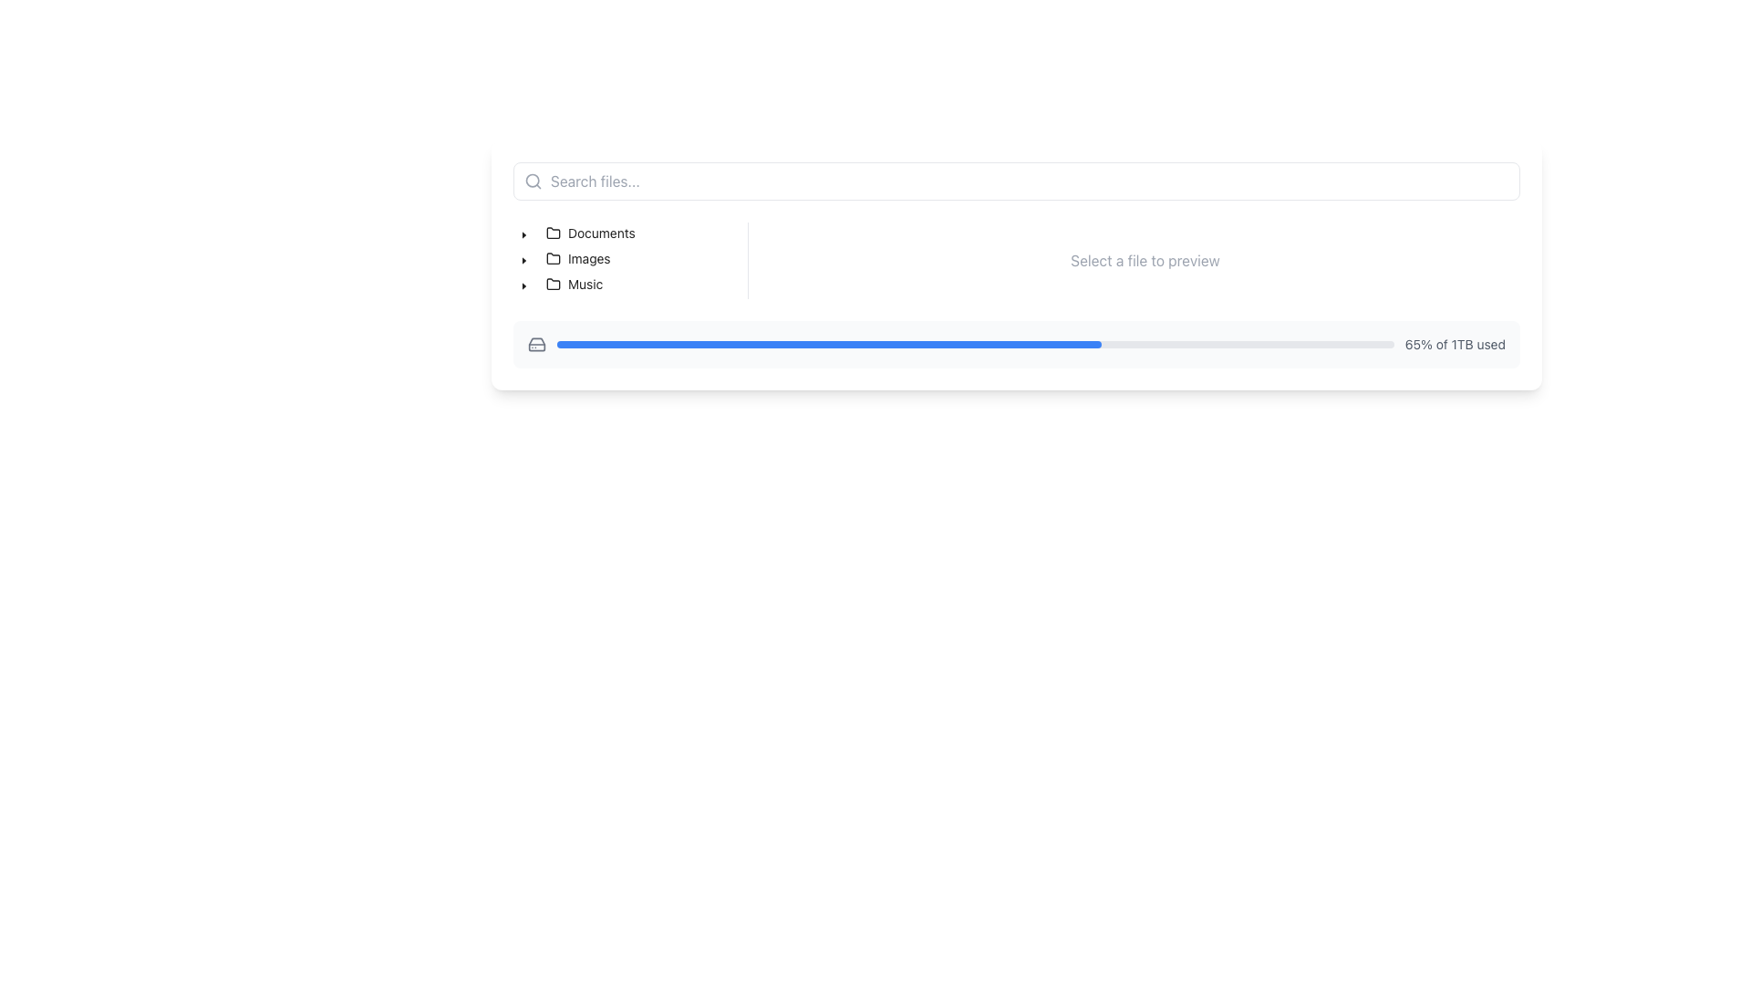 This screenshot has width=1751, height=985. Describe the element at coordinates (523, 285) in the screenshot. I see `the icon-based toggle button located to the left of the 'Music' folder label in the tree navigation layout` at that location.